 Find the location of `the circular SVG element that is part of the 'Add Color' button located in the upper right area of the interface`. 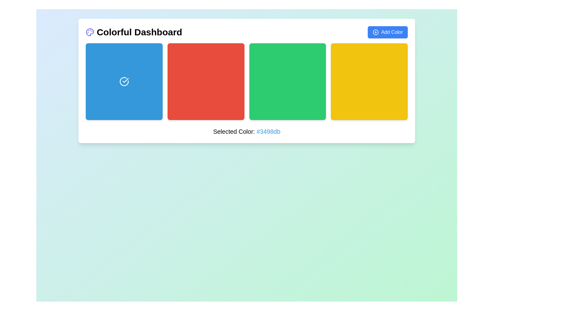

the circular SVG element that is part of the 'Add Color' button located in the upper right area of the interface is located at coordinates (375, 32).